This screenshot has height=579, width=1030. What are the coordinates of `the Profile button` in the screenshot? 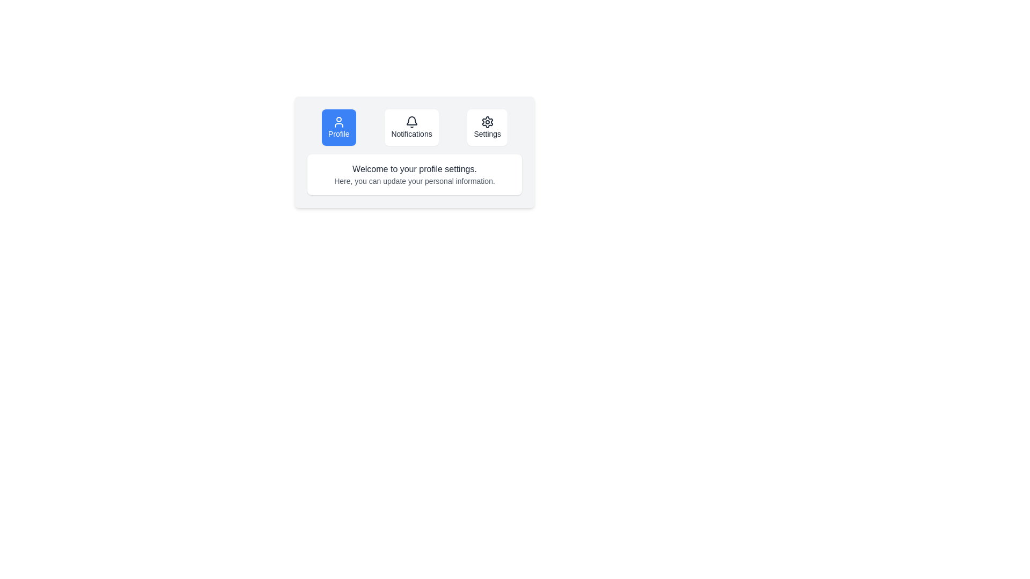 It's located at (338, 127).